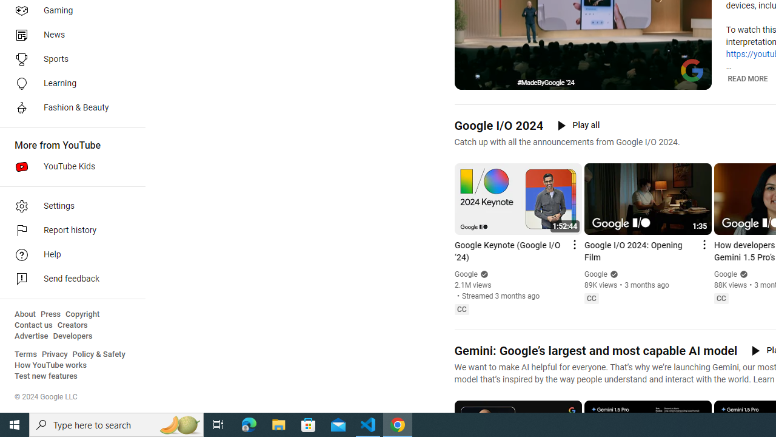  Describe the element at coordinates (68, 231) in the screenshot. I see `'Report history'` at that location.